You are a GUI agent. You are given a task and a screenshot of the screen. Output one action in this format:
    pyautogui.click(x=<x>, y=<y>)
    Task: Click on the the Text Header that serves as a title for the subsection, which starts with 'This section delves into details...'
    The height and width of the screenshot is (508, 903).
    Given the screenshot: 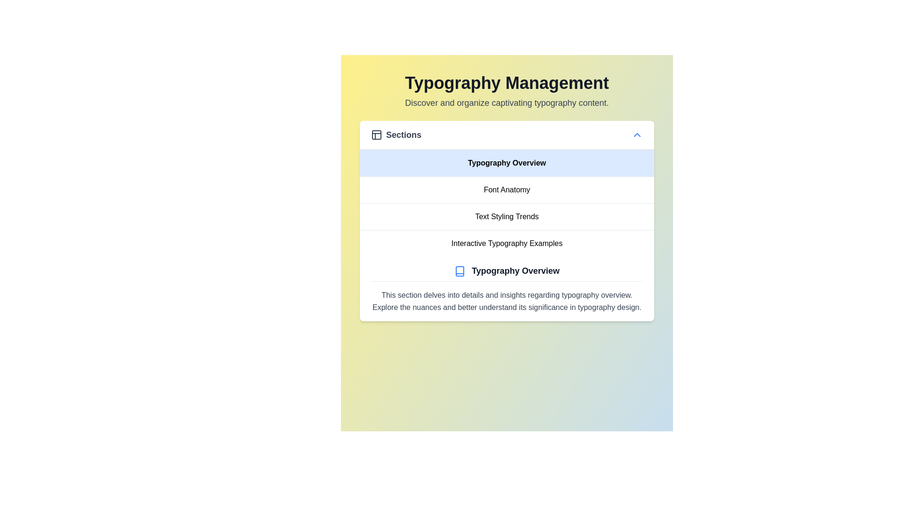 What is the action you would take?
    pyautogui.click(x=507, y=272)
    